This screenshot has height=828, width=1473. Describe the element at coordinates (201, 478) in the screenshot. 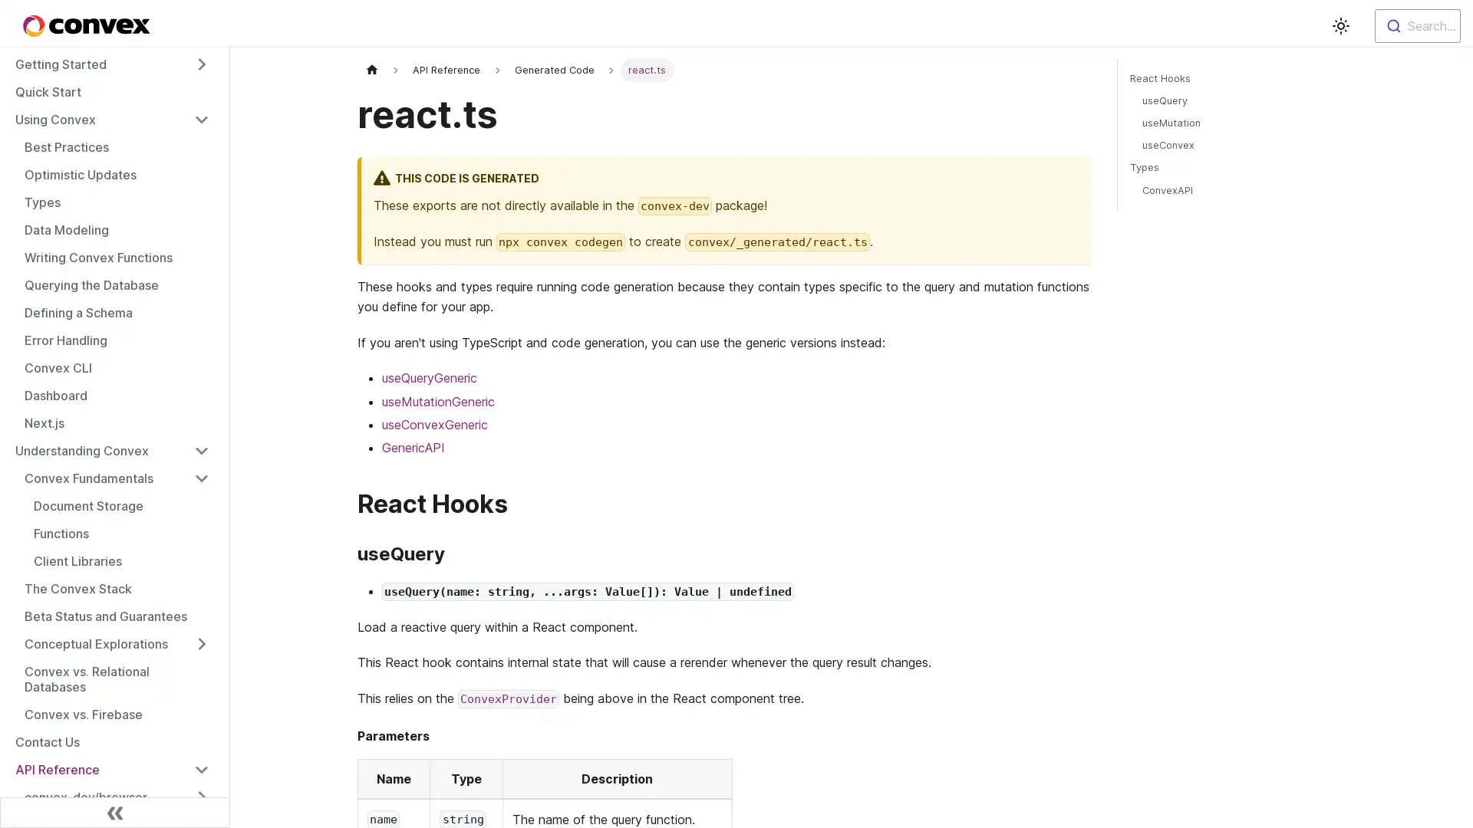

I see `Toggle the collapsible sidebar category 'Convex Fundamentals'` at that location.